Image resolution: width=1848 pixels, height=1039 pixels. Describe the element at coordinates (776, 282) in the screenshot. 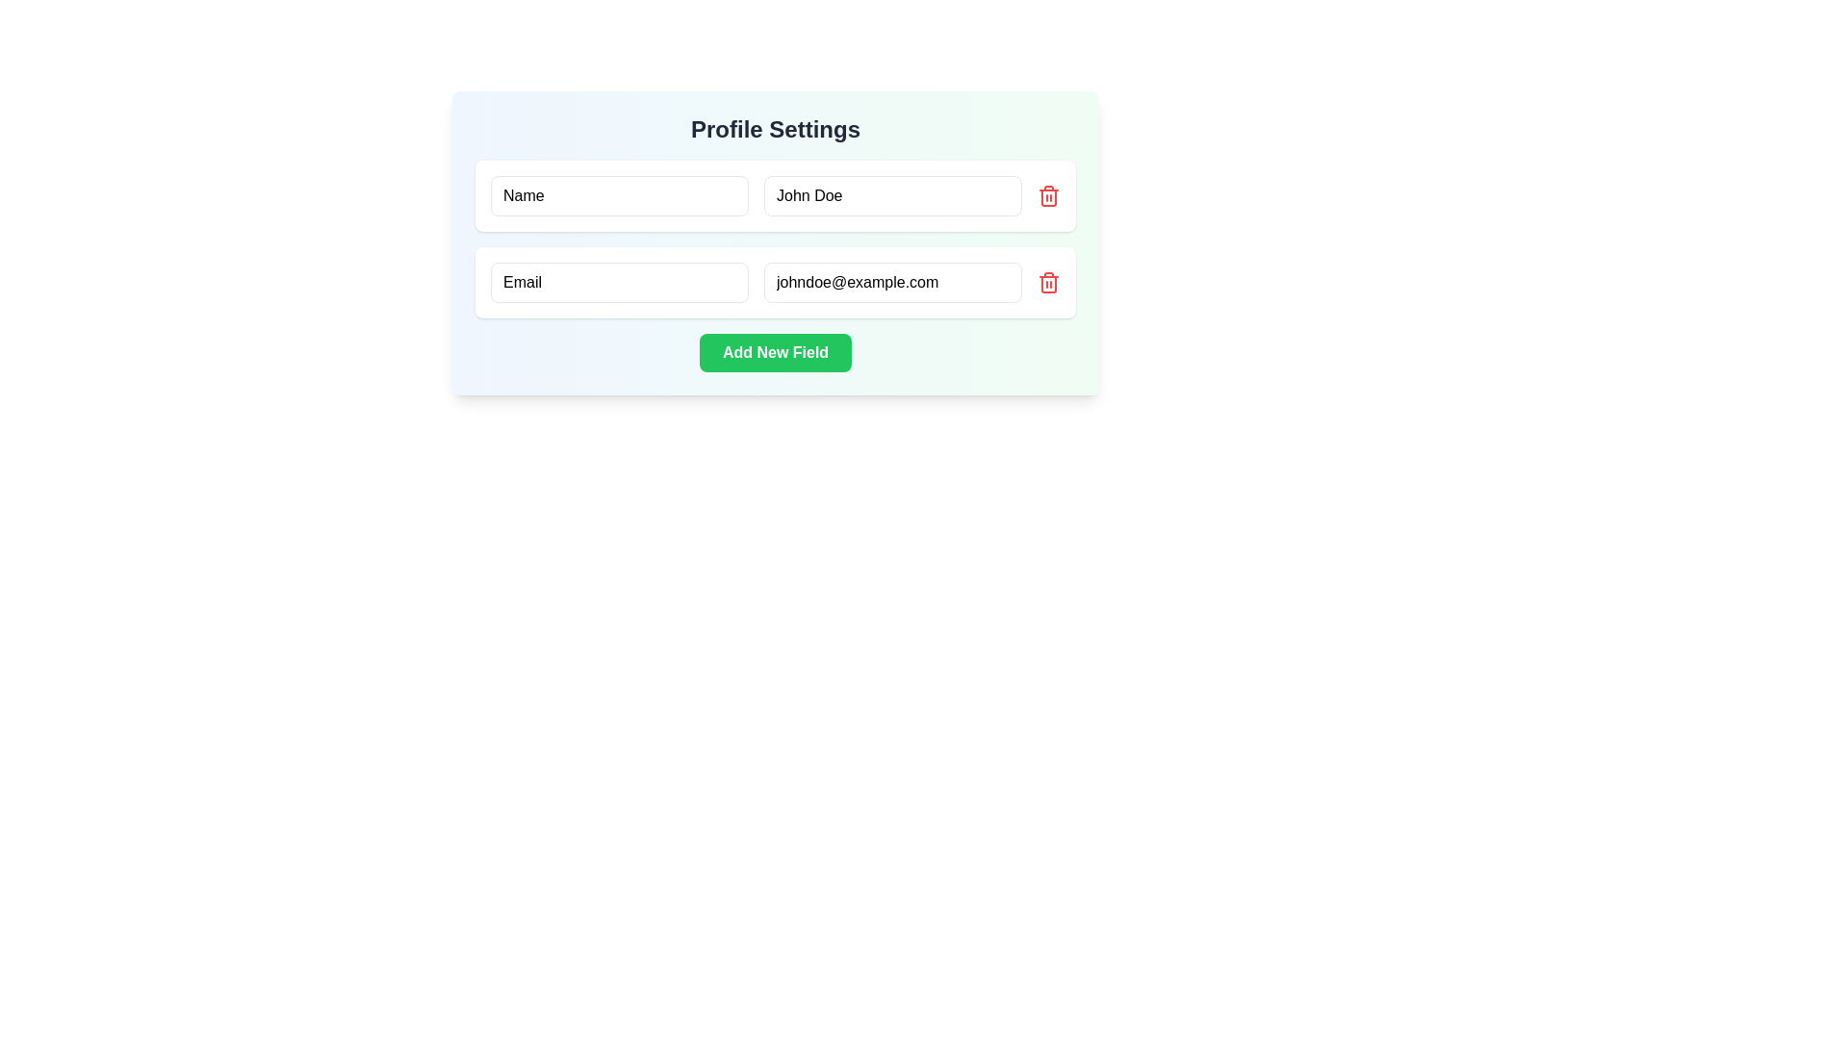

I see `the 'Email' text field within the Composite element that contains two text fields and a red trash icon` at that location.